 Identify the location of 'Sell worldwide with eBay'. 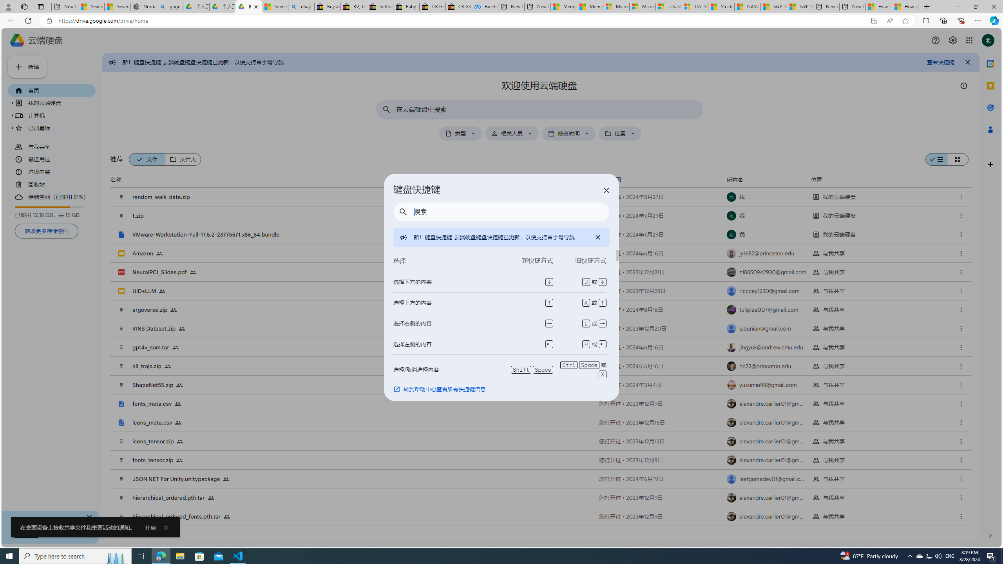
(379, 6).